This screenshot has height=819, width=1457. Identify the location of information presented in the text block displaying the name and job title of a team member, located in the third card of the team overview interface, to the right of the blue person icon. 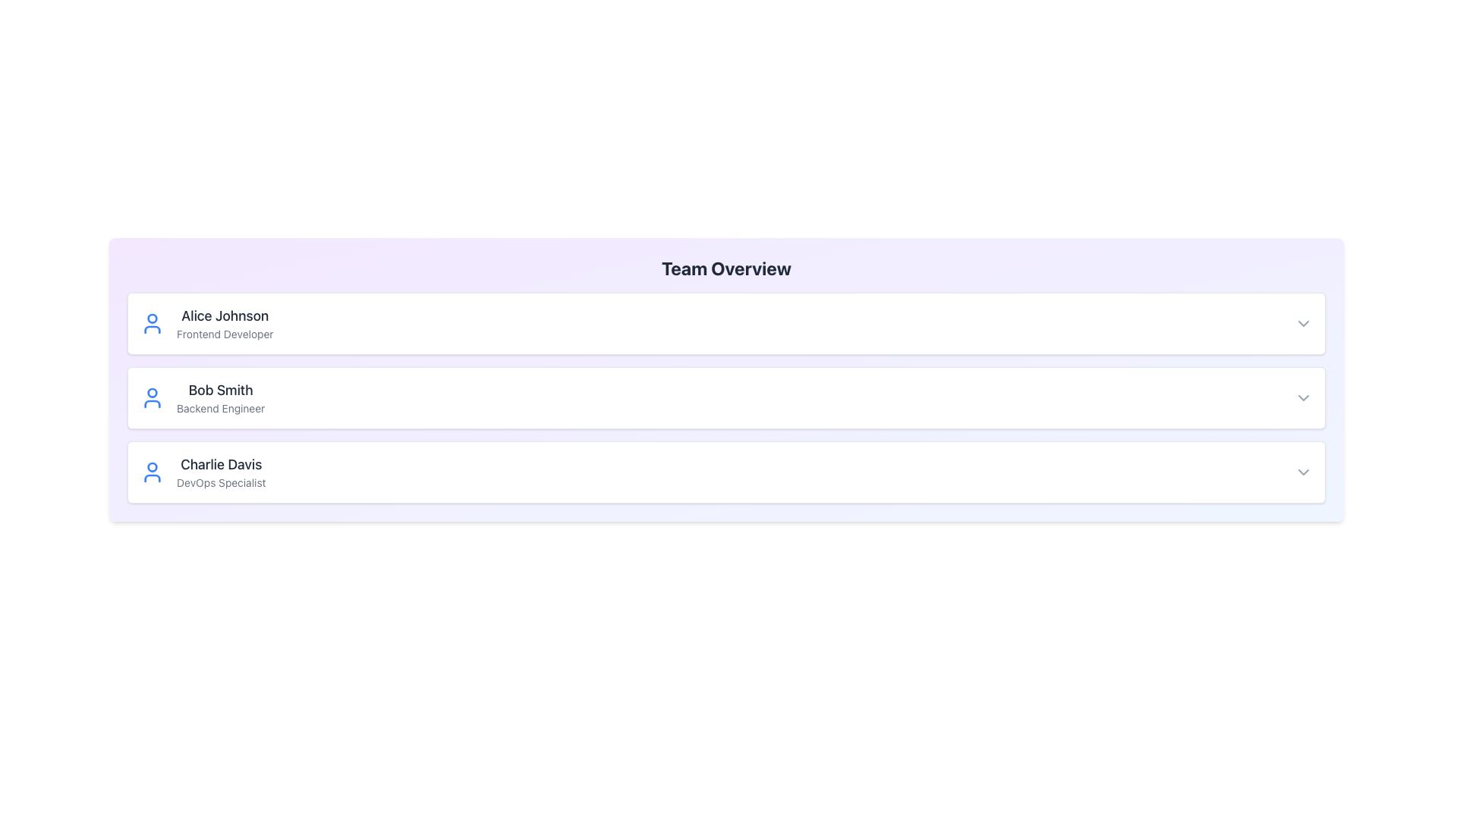
(220, 472).